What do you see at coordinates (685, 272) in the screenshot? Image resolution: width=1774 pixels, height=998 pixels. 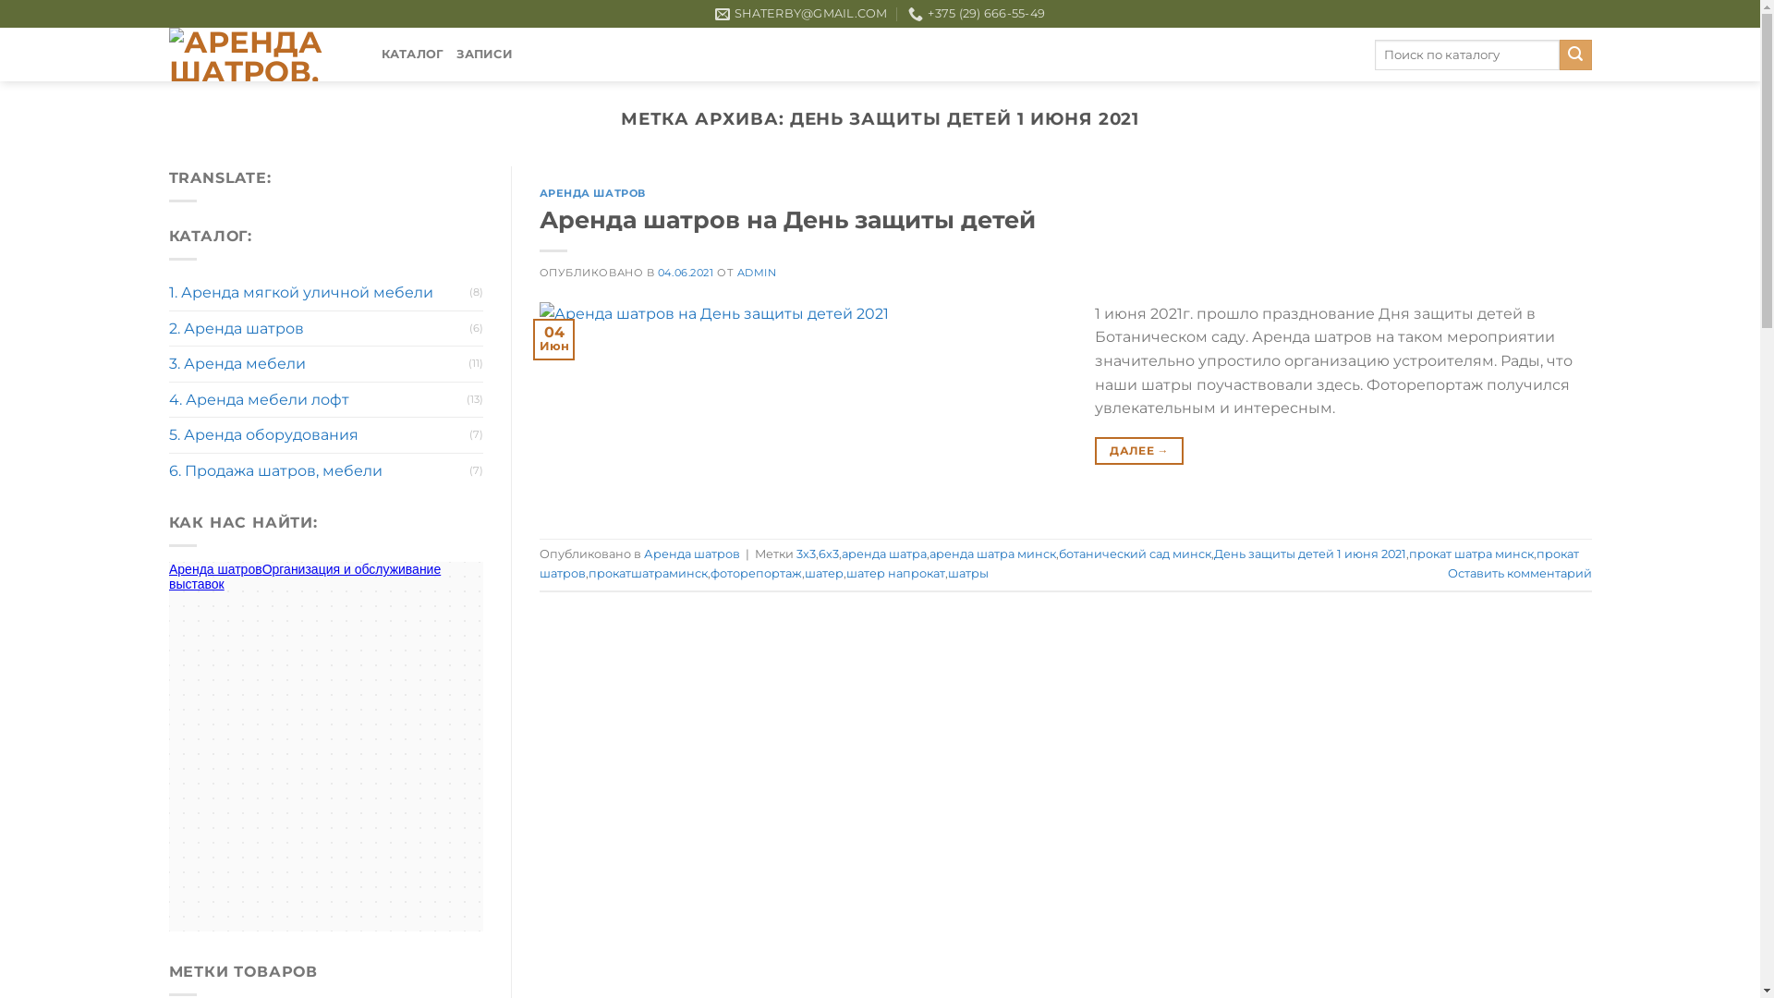 I see `'04.06.2021'` at bounding box center [685, 272].